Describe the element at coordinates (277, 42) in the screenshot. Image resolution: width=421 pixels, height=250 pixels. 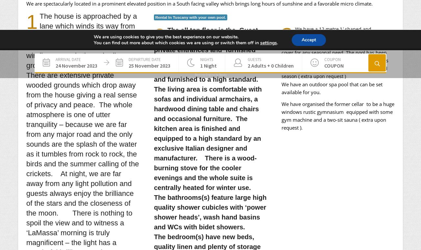
I see `'.'` at that location.